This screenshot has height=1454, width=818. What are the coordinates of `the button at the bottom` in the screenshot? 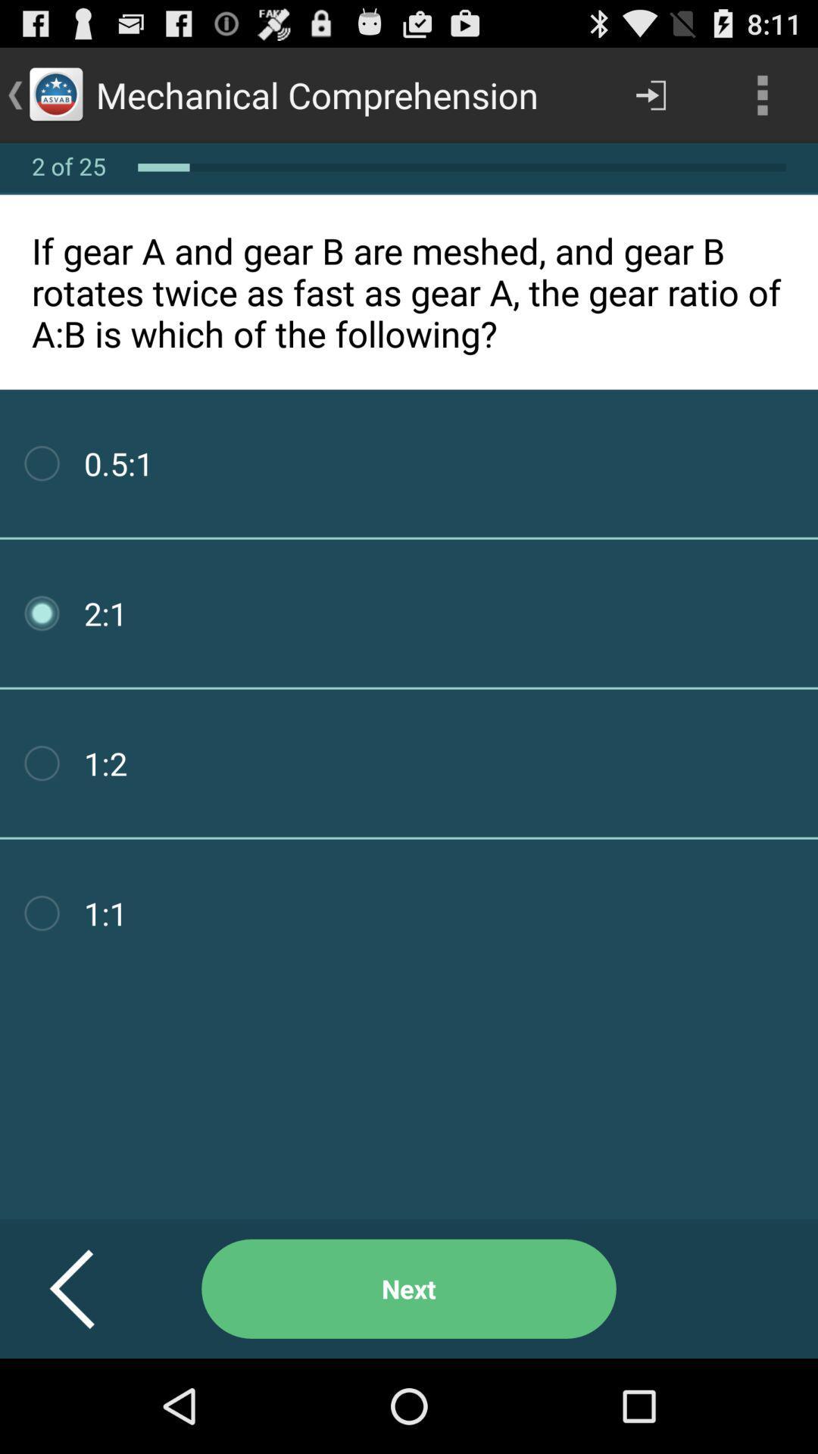 It's located at (409, 1288).